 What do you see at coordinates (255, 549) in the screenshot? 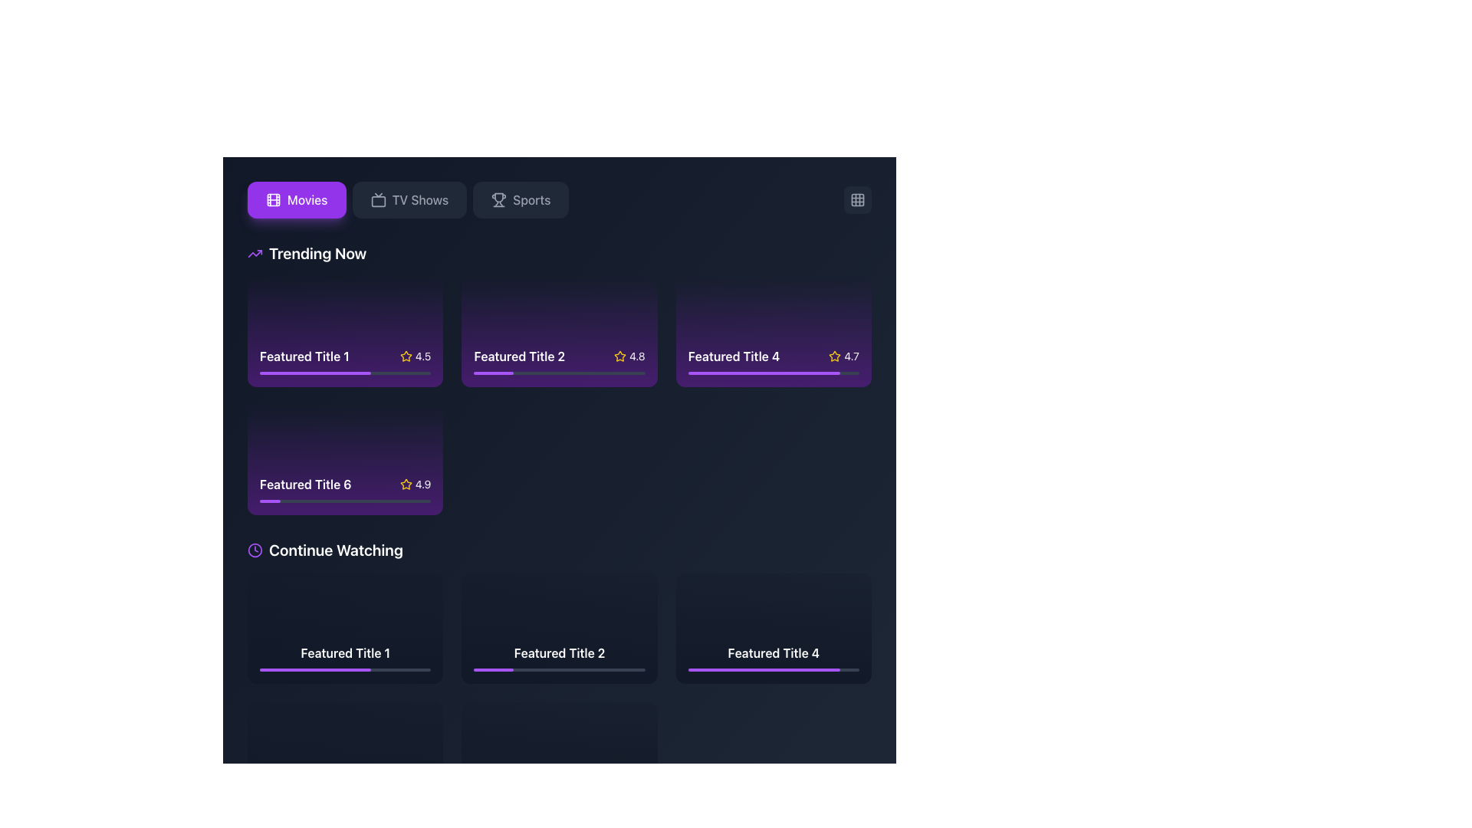
I see `the circular shape within the clock-like icon, which is a non-interactive visual representation located near the 'Continue Watching' header` at bounding box center [255, 549].